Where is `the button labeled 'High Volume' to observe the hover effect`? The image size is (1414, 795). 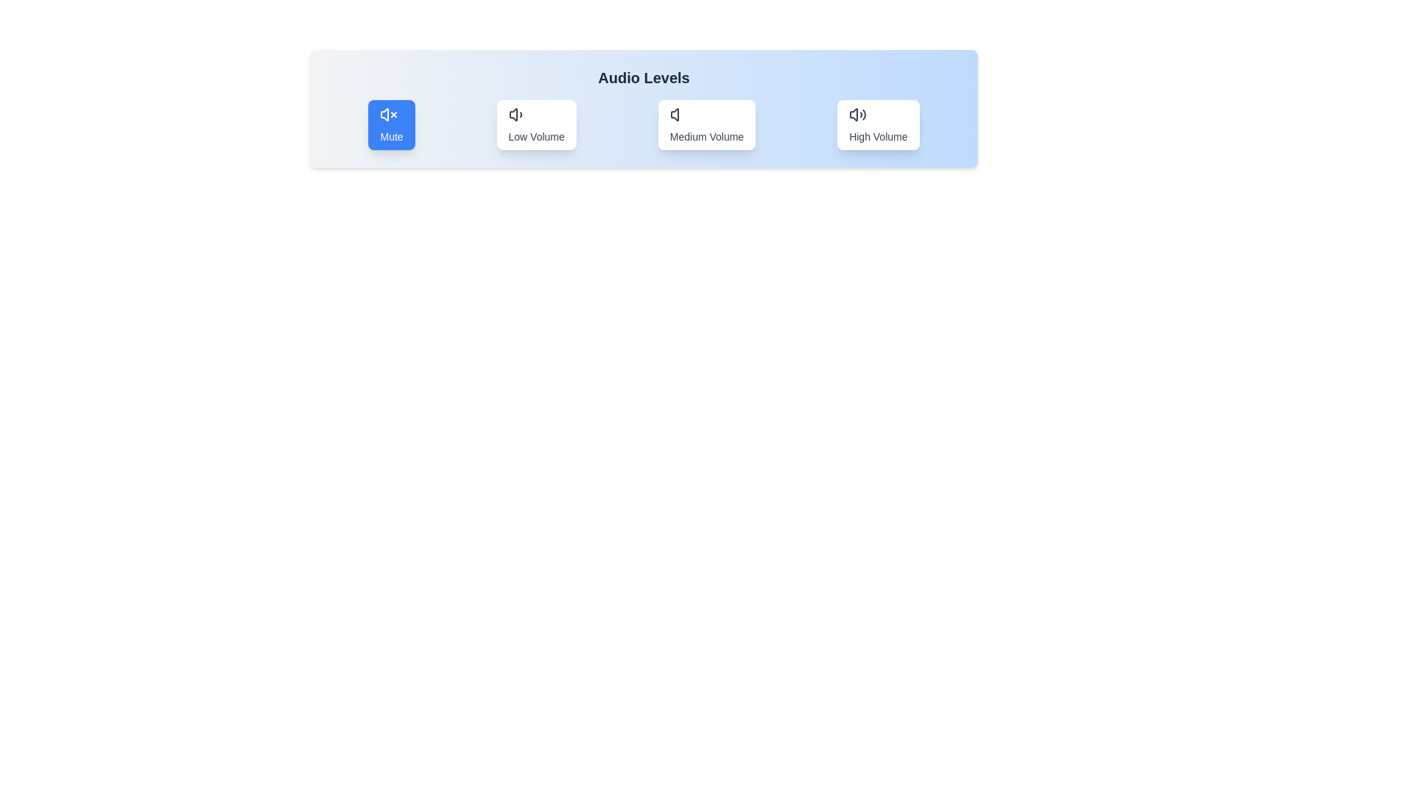 the button labeled 'High Volume' to observe the hover effect is located at coordinates (879, 124).